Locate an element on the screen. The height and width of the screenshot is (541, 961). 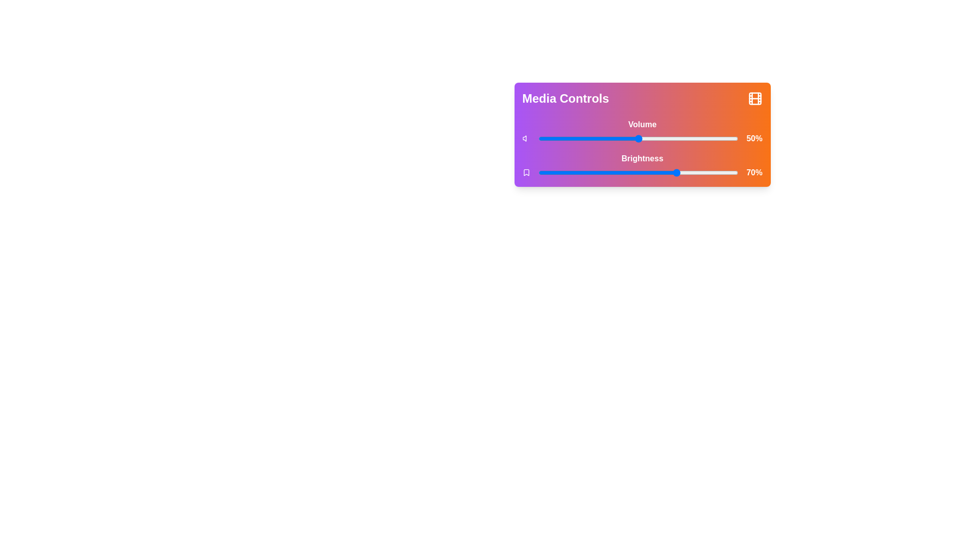
the volume slider to 67% is located at coordinates (672, 139).